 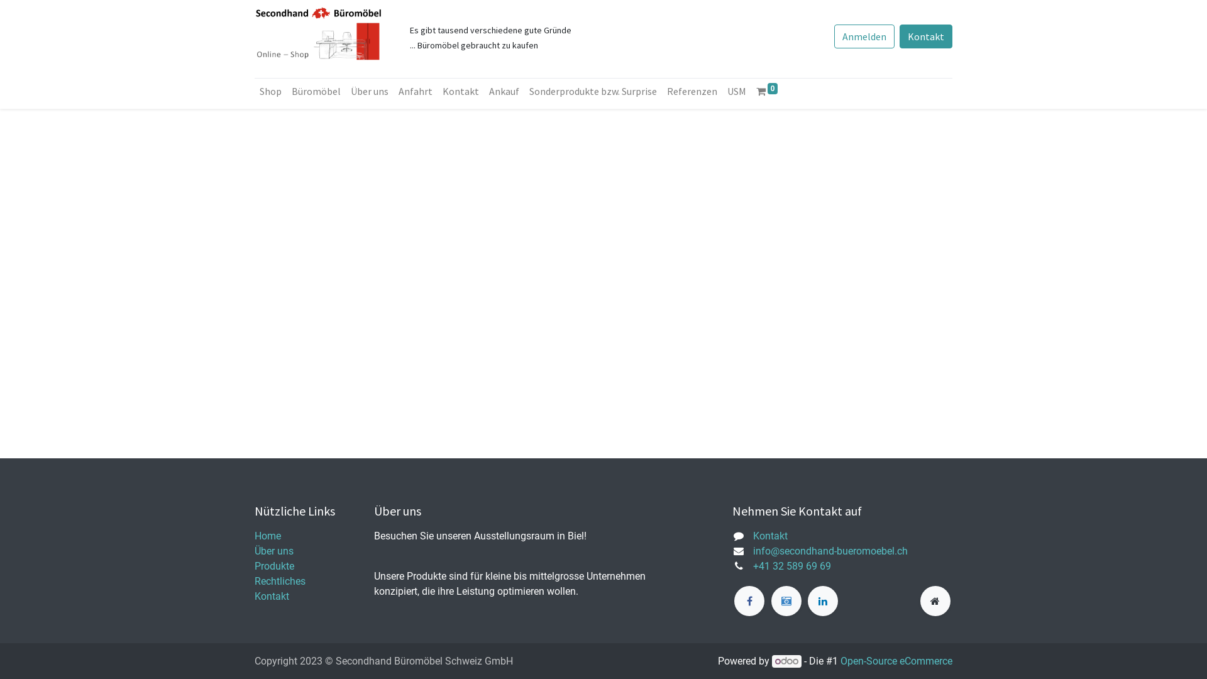 I want to click on 'info@secondhand-bueromoebel.ch', so click(x=753, y=550).